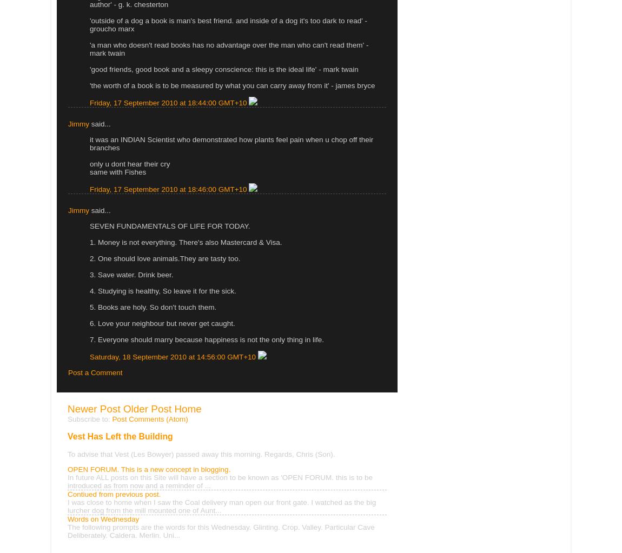 Image resolution: width=622 pixels, height=553 pixels. I want to click on ''outside of a dog a book is man's best friend. and inside of a dog it's too dark to read' - groucho marx', so click(89, 24).